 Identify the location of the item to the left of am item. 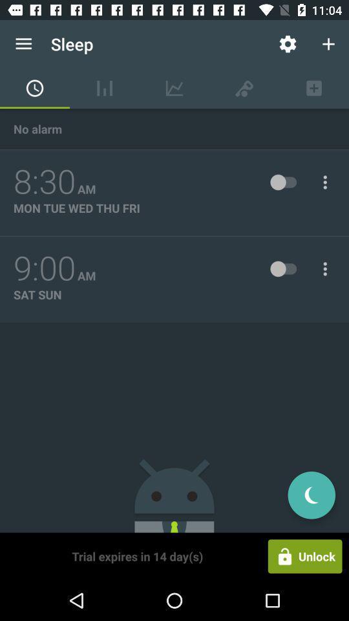
(44, 268).